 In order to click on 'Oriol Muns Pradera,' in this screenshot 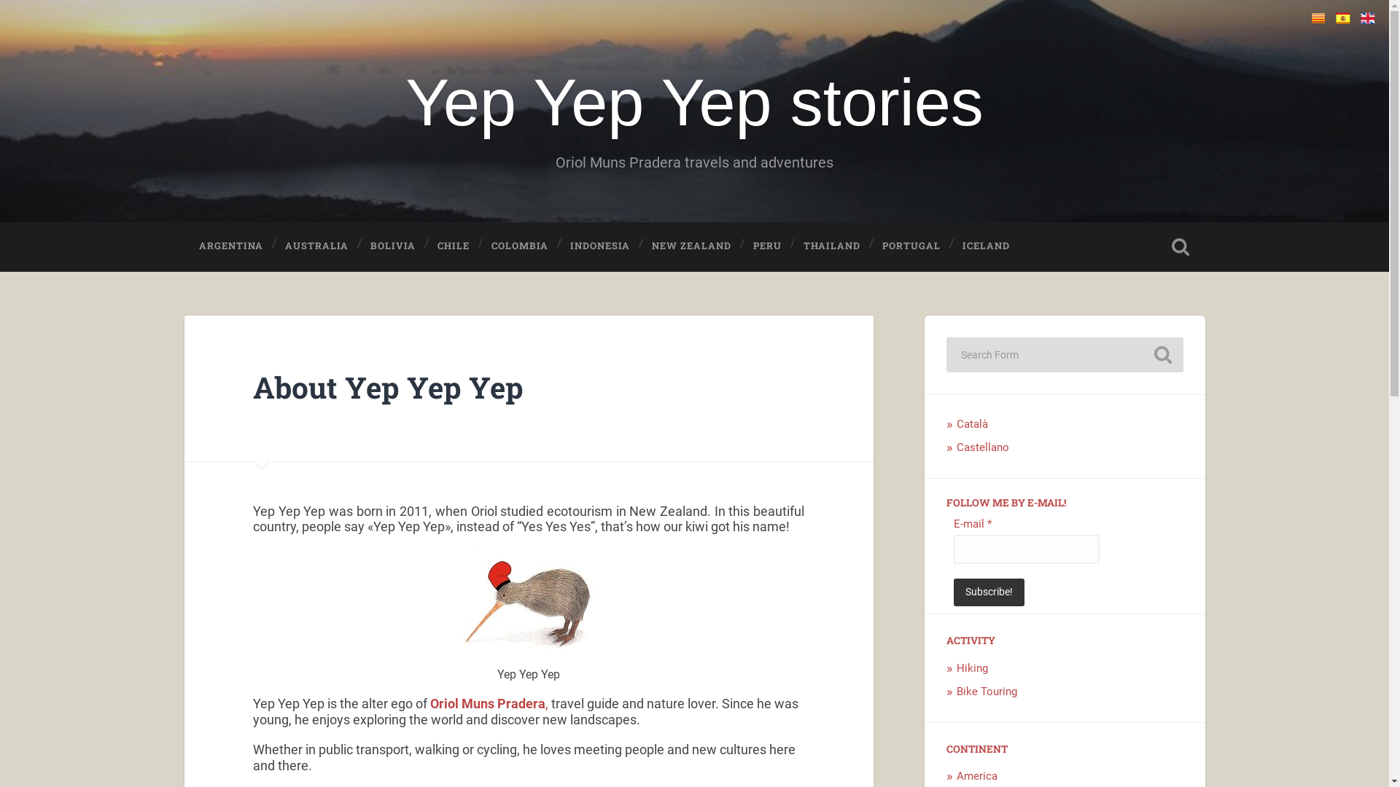, I will do `click(489, 702)`.